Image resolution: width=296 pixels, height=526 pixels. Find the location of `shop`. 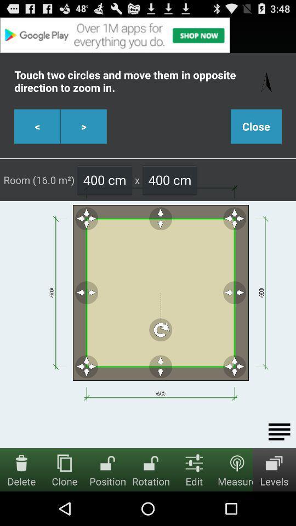

shop is located at coordinates (148, 35).